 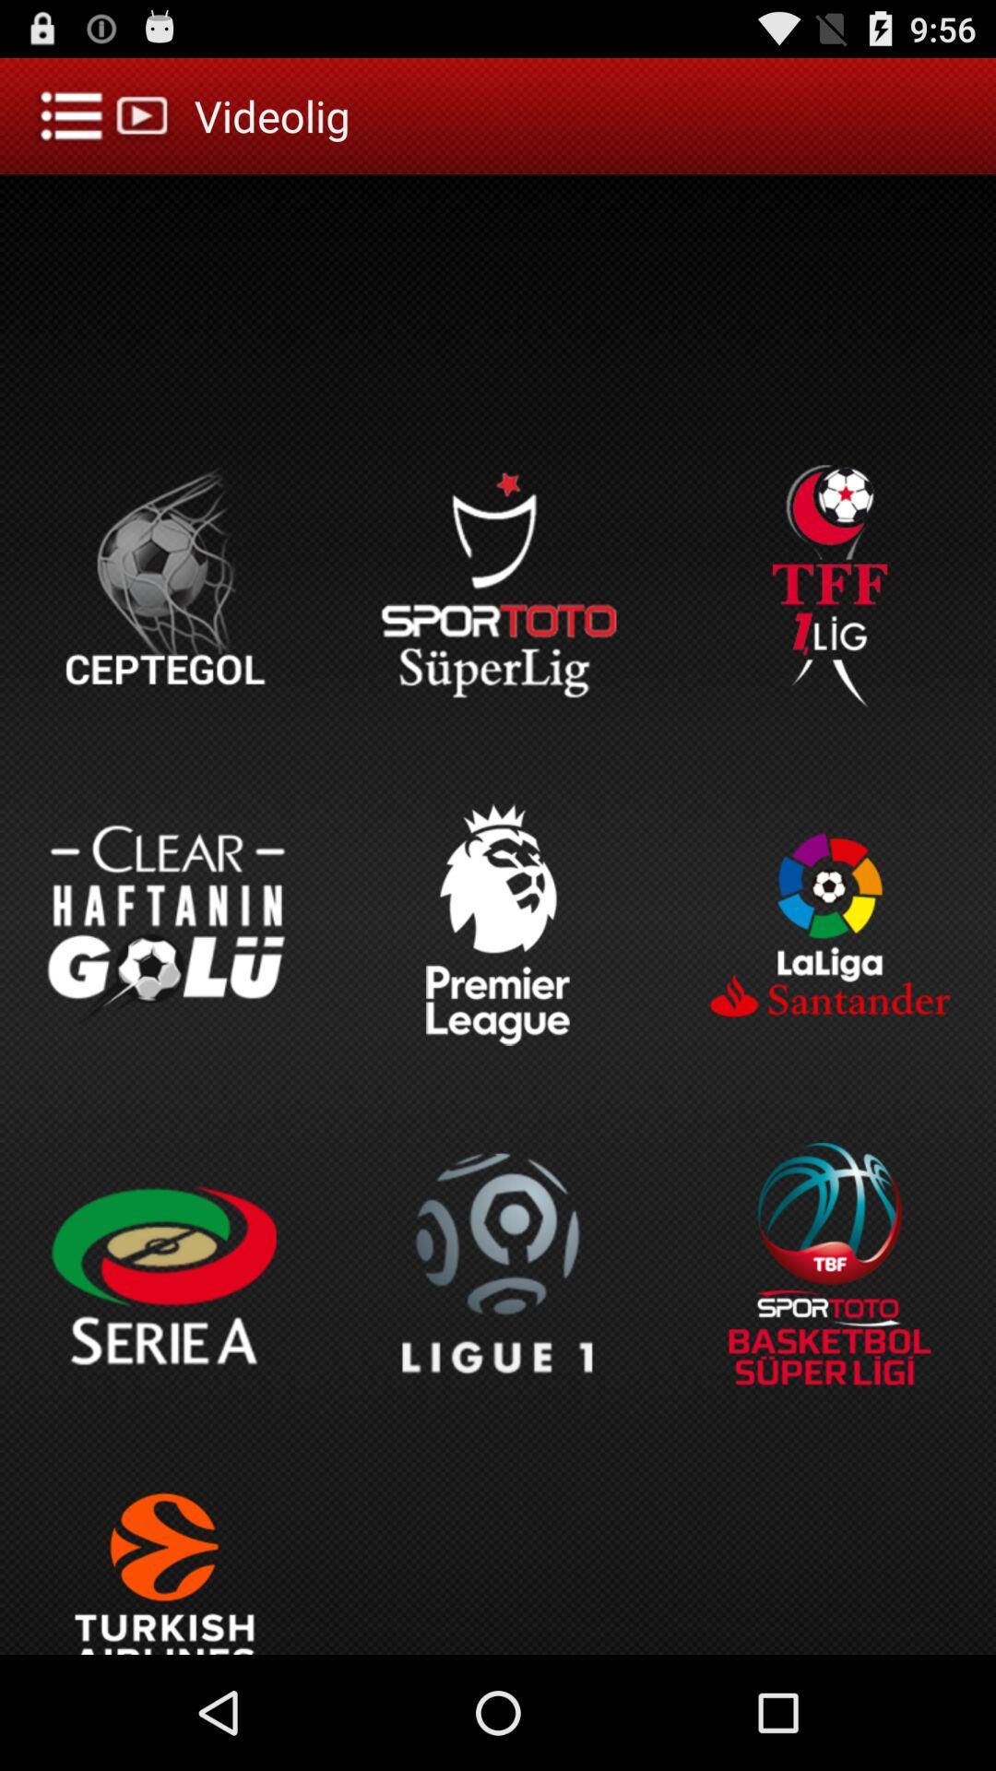 What do you see at coordinates (498, 1263) in the screenshot?
I see `l i g u e 1 icon next to serie a icon` at bounding box center [498, 1263].